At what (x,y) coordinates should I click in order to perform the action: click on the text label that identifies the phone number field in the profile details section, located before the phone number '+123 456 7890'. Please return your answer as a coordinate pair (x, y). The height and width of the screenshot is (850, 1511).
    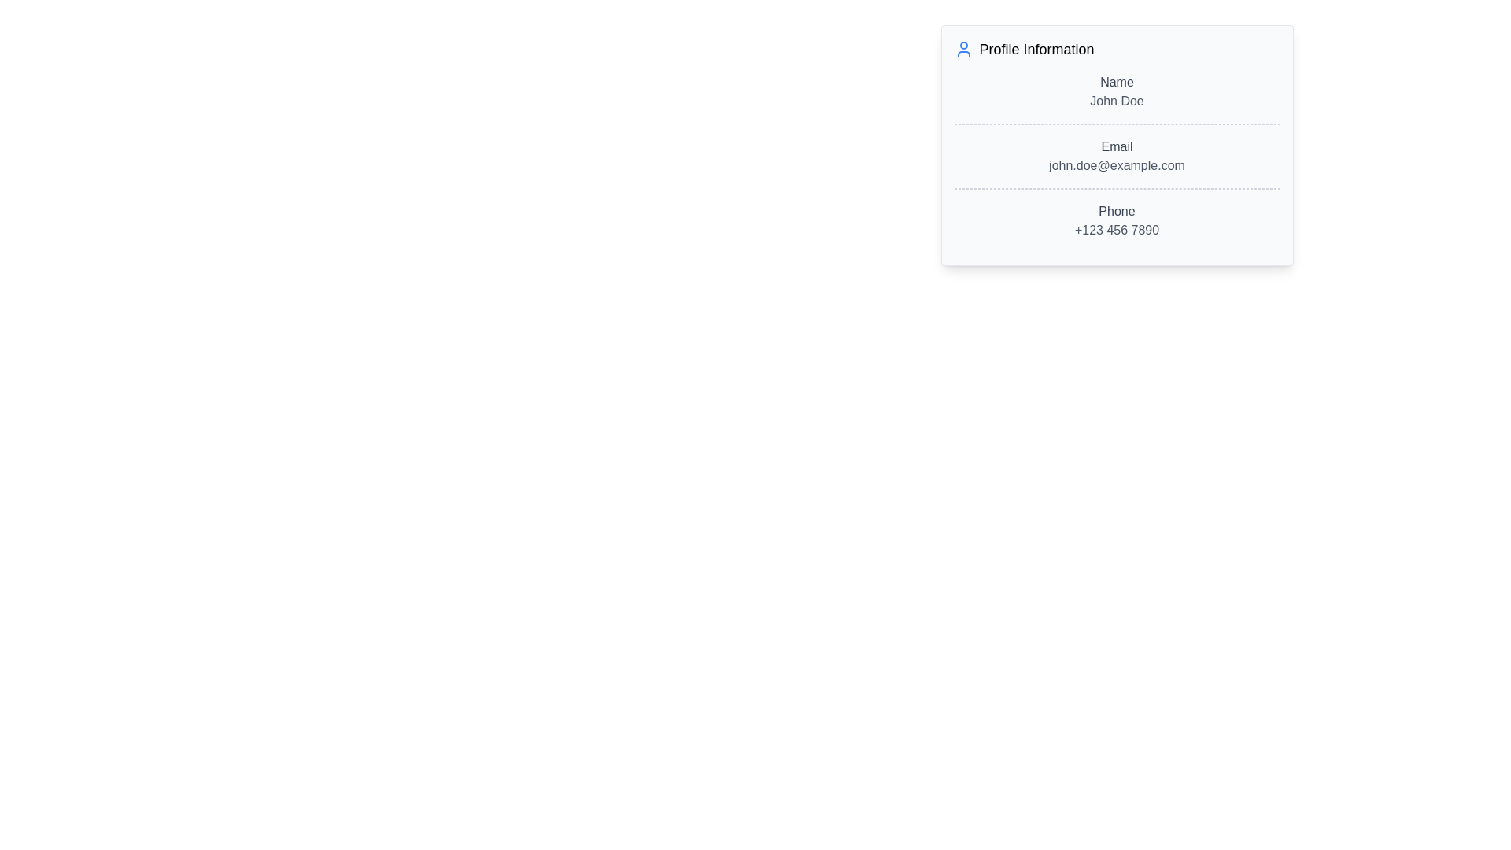
    Looking at the image, I should click on (1116, 211).